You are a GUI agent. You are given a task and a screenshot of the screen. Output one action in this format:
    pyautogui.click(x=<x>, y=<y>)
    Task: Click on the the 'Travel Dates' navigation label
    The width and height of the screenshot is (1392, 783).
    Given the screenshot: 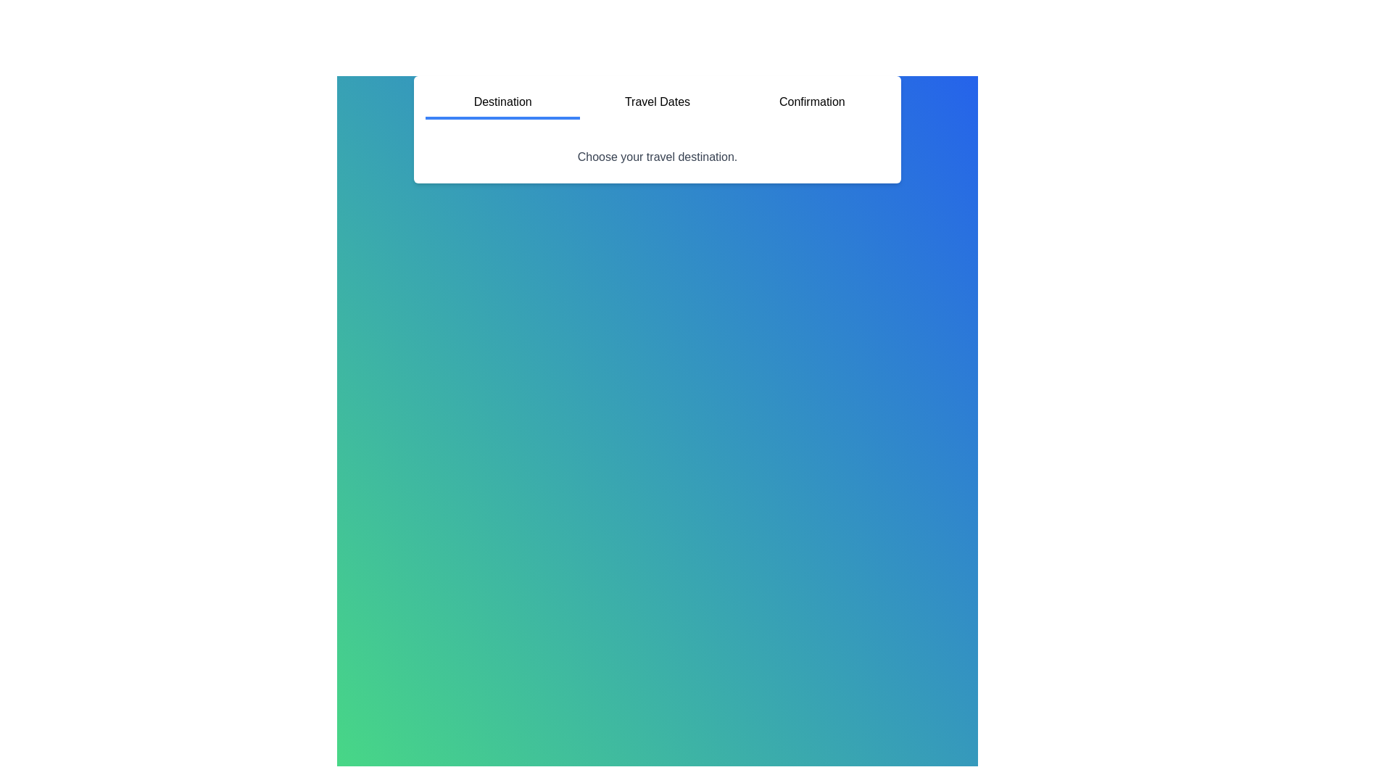 What is the action you would take?
    pyautogui.click(x=657, y=102)
    